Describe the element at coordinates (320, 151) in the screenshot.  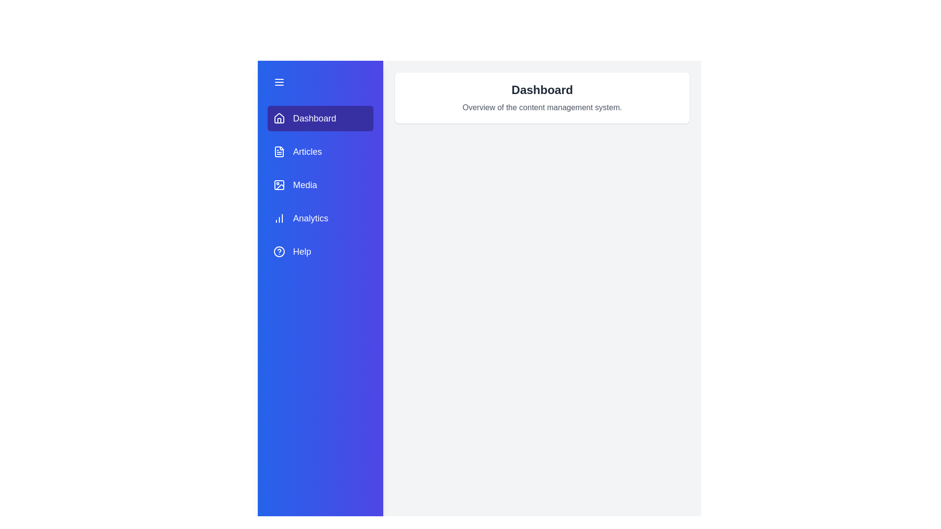
I see `the tab labeled Articles to highlight it` at that location.